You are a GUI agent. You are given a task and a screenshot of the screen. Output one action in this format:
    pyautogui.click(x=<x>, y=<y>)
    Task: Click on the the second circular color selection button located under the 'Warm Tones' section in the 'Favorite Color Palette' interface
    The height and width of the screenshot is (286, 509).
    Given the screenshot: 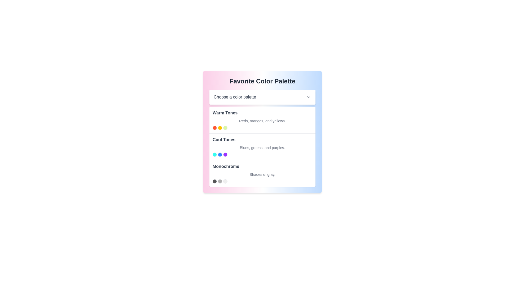 What is the action you would take?
    pyautogui.click(x=220, y=128)
    